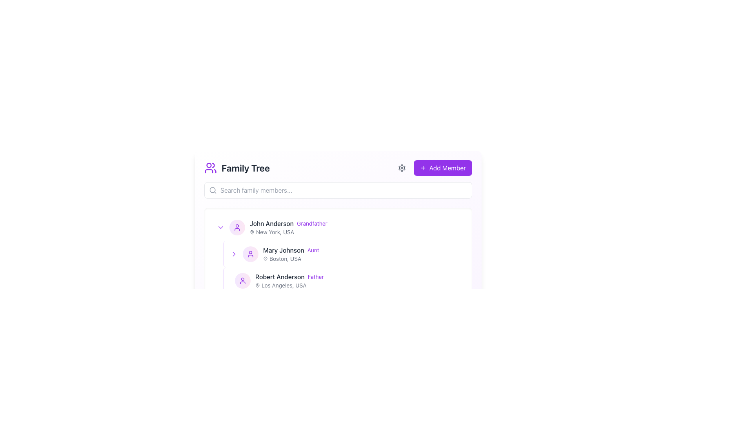  Describe the element at coordinates (355, 228) in the screenshot. I see `the first list item displaying 'John Anderson', 'Grandfather', and 'New York, USA'` at that location.